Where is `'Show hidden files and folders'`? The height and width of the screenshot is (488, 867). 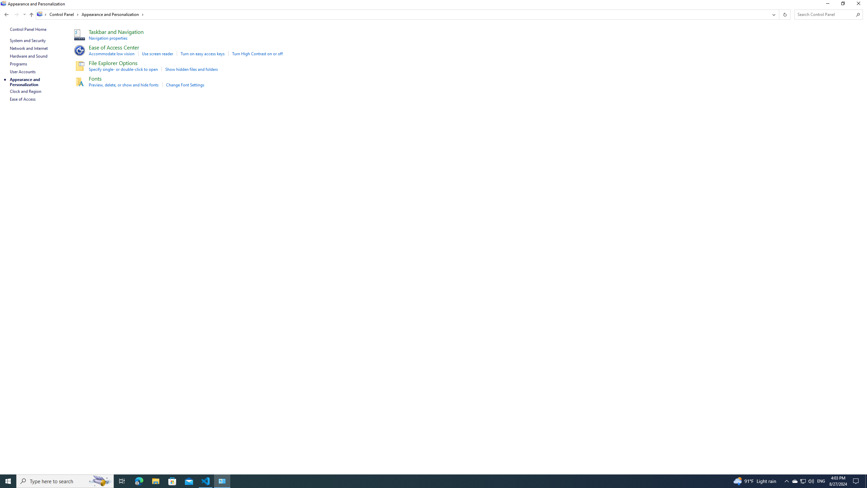 'Show hidden files and folders' is located at coordinates (191, 69).